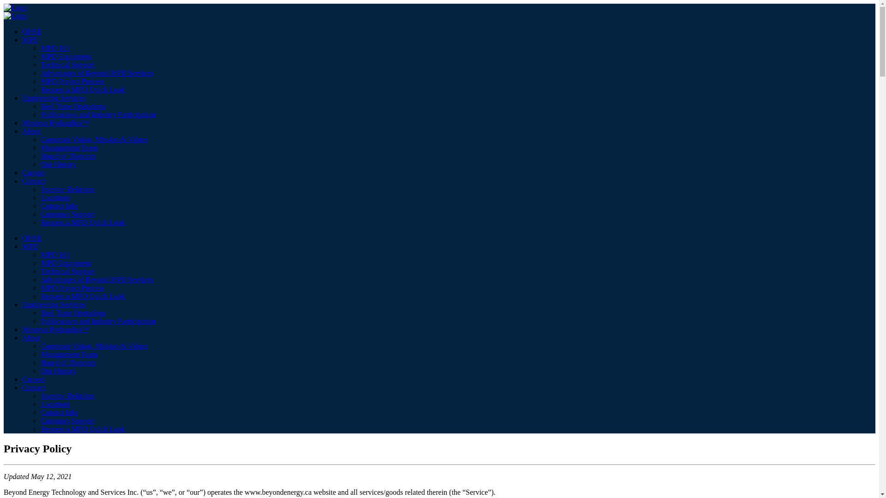  What do you see at coordinates (72, 312) in the screenshot?
I see `'Real Time Operations'` at bounding box center [72, 312].